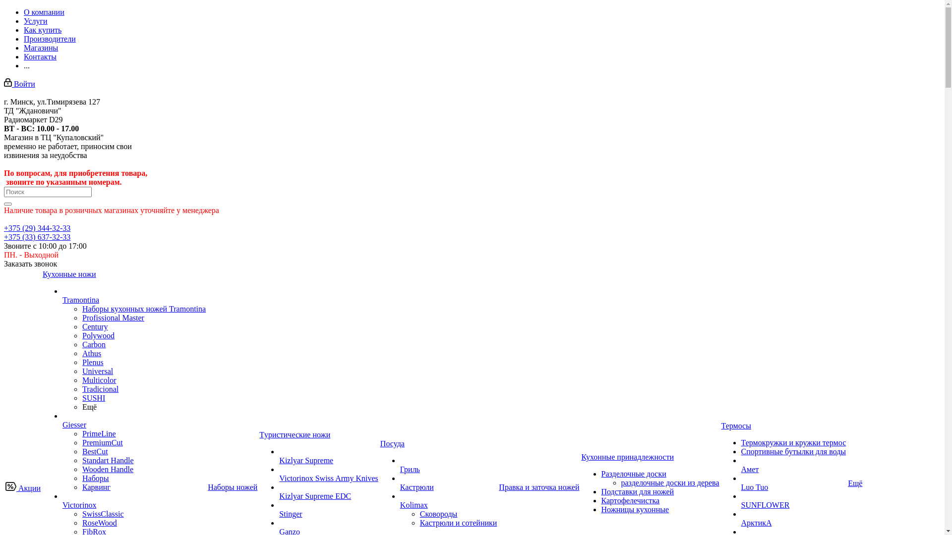 The width and height of the screenshot is (952, 535). Describe the element at coordinates (314, 496) in the screenshot. I see `'Kizlyar Supreme EDC'` at that location.